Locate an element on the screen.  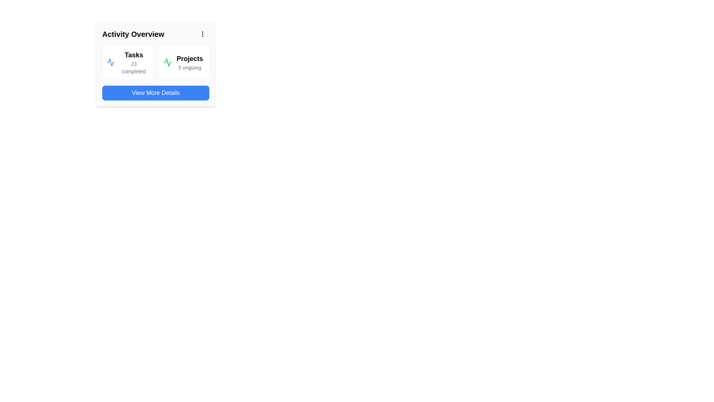
the static heading text element labeled 'Activity Overview' at the top of the card layout is located at coordinates (133, 34).